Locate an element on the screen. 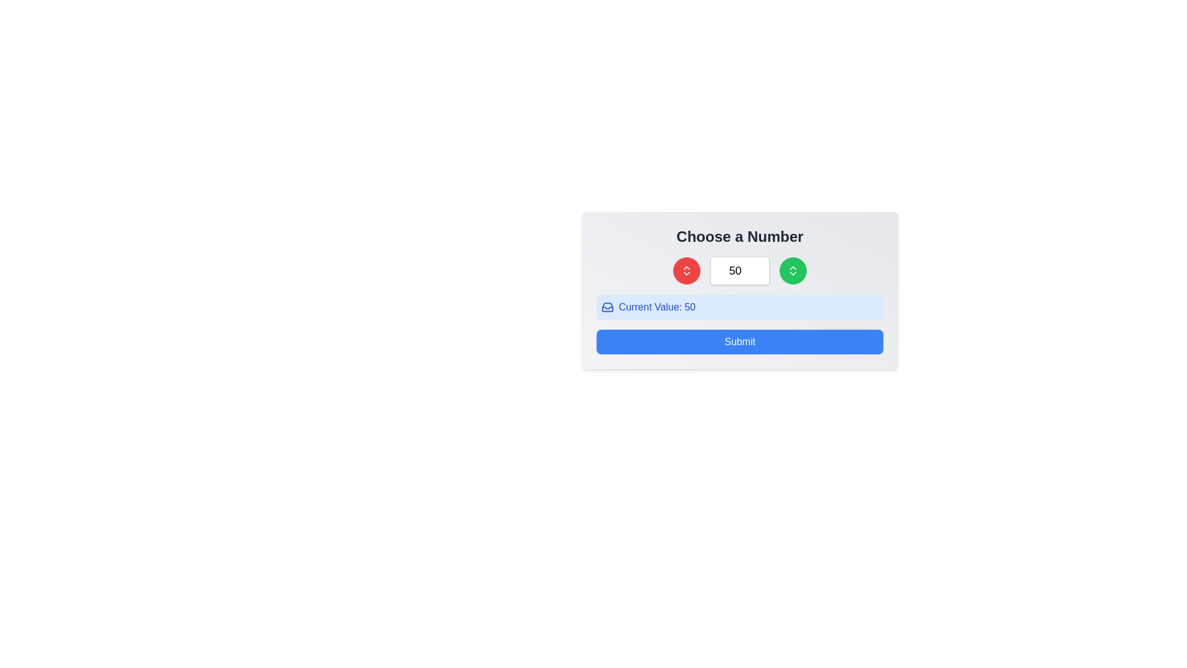  the Text Label that displays the current numerical value selected by the user, located below the number adjustment controls labeled 'Choose a Number', to the right of an inbox symbol within a light blue, rounded box is located at coordinates (657, 307).